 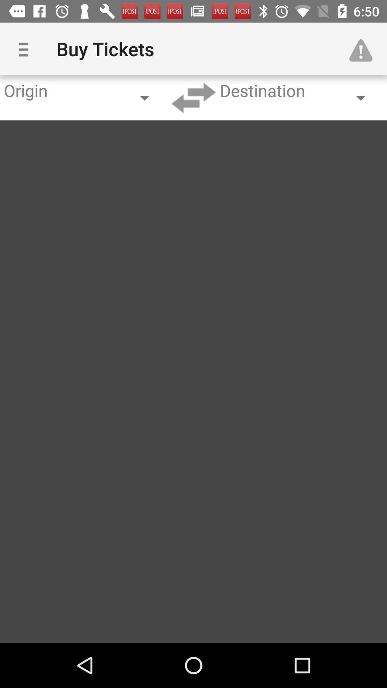 I want to click on the swap icon, so click(x=193, y=97).